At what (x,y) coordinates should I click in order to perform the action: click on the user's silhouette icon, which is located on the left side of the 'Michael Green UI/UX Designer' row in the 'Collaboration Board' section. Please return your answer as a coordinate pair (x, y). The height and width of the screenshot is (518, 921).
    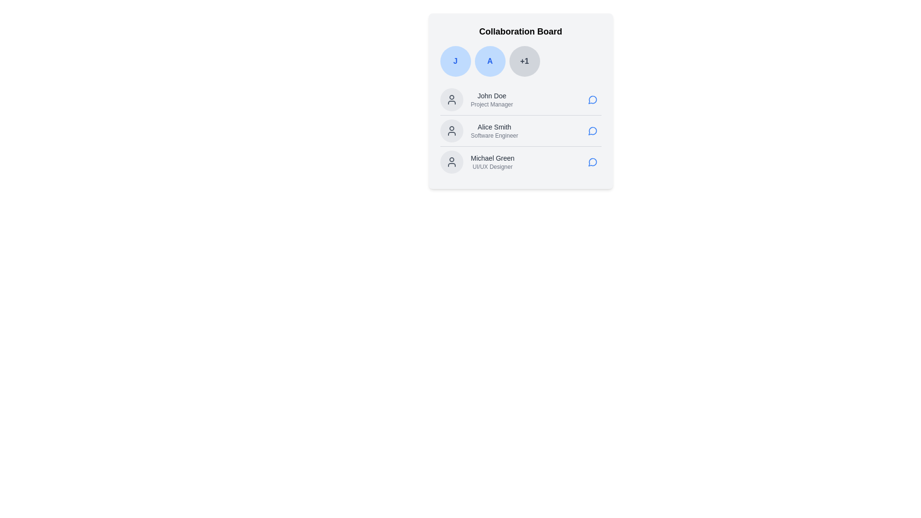
    Looking at the image, I should click on (451, 162).